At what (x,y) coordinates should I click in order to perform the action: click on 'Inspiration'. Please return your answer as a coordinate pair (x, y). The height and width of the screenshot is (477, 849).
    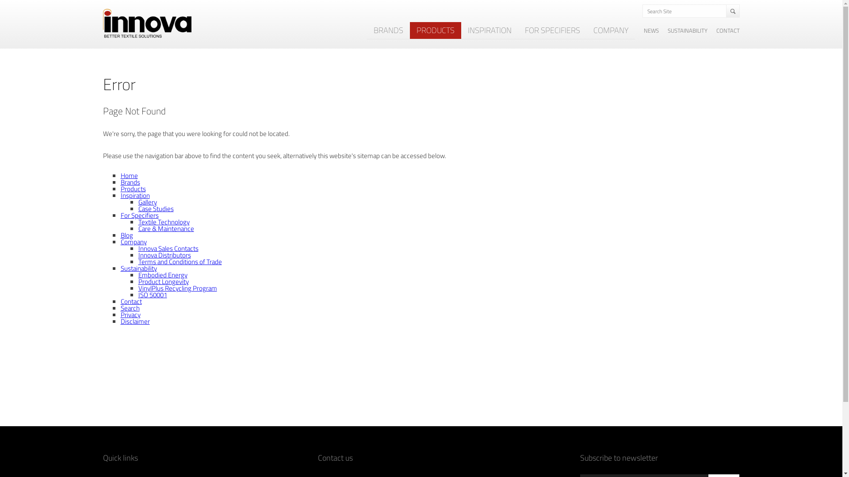
    Looking at the image, I should click on (134, 195).